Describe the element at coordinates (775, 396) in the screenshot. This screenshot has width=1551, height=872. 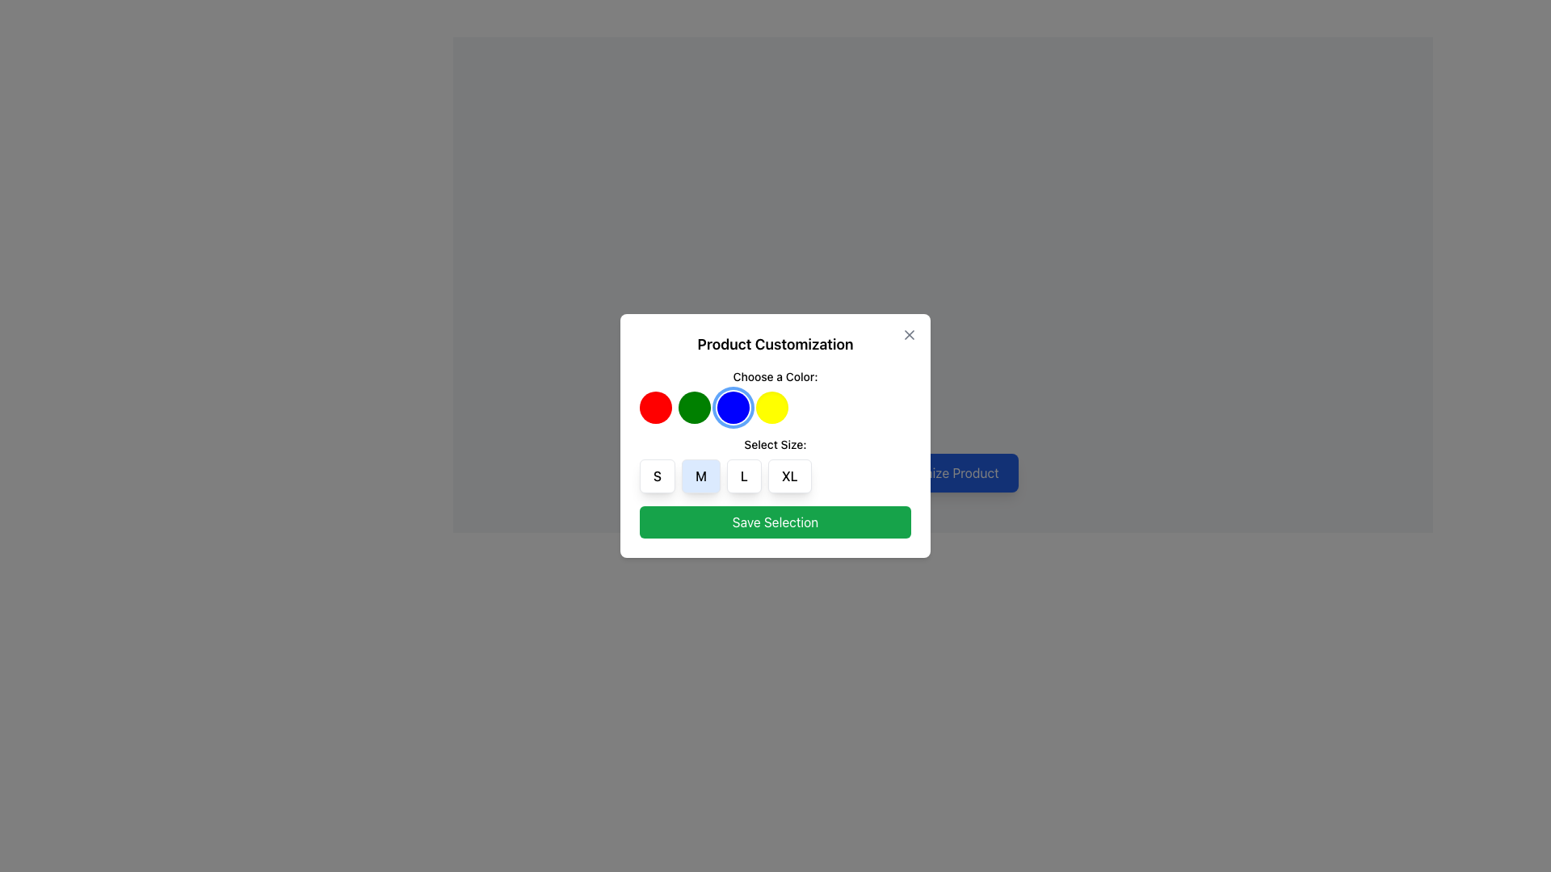
I see `a color button in the color selection group labeled 'Choose a Color:'` at that location.